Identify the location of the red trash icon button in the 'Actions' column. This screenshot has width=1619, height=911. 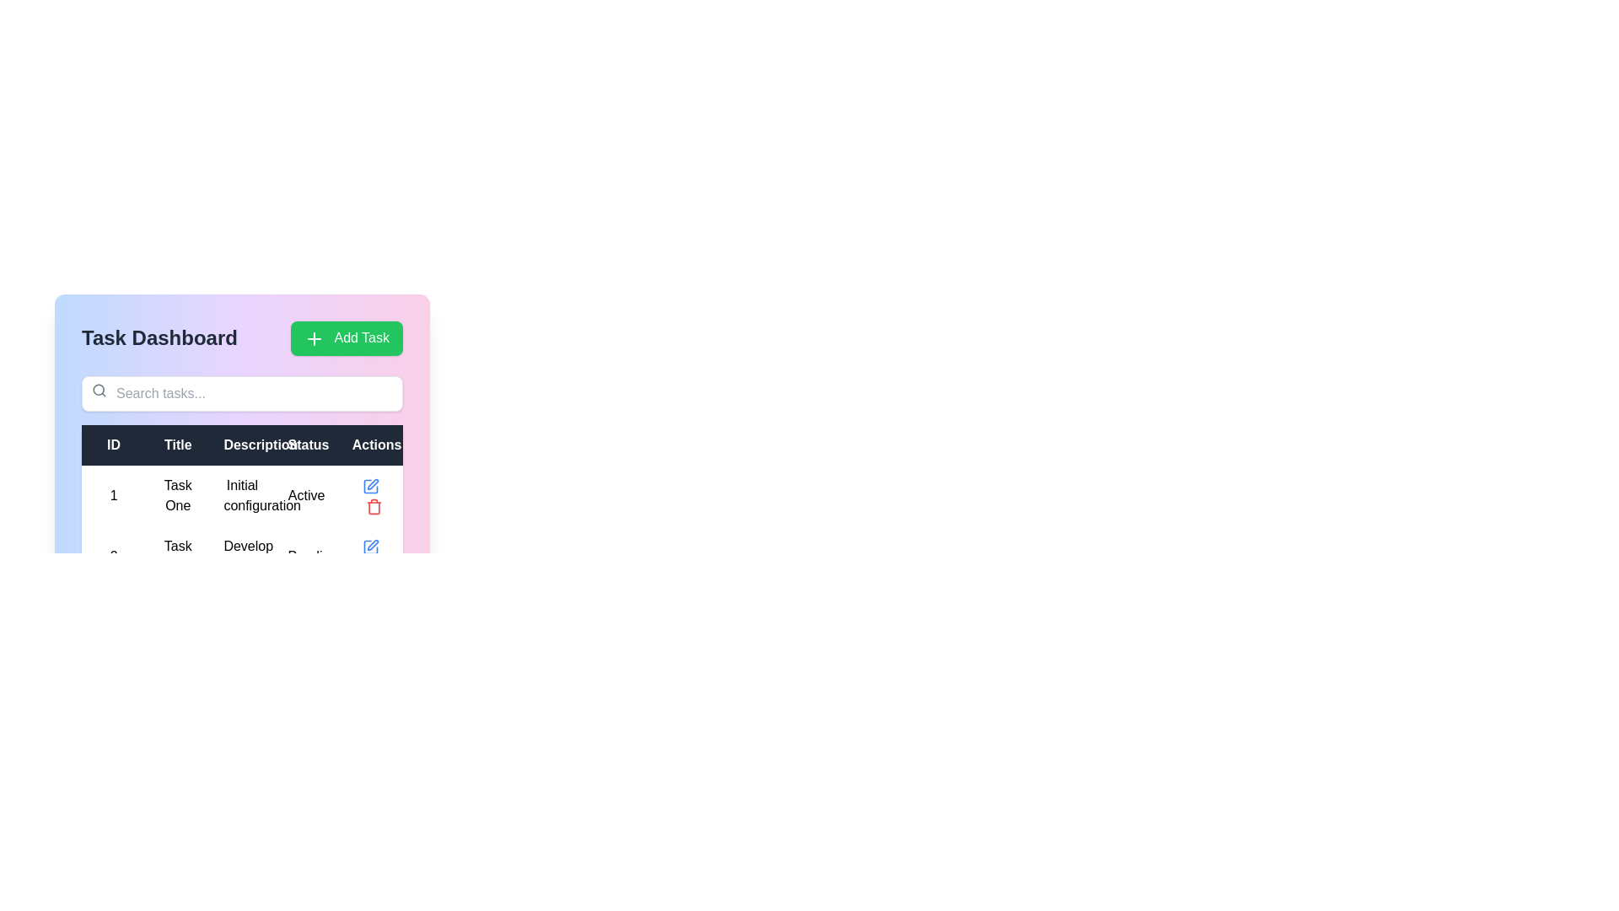
(369, 494).